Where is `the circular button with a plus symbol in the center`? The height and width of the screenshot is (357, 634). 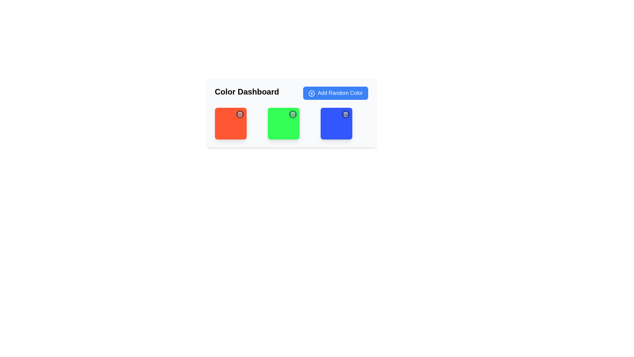
the circular button with a plus symbol in the center is located at coordinates (311, 93).